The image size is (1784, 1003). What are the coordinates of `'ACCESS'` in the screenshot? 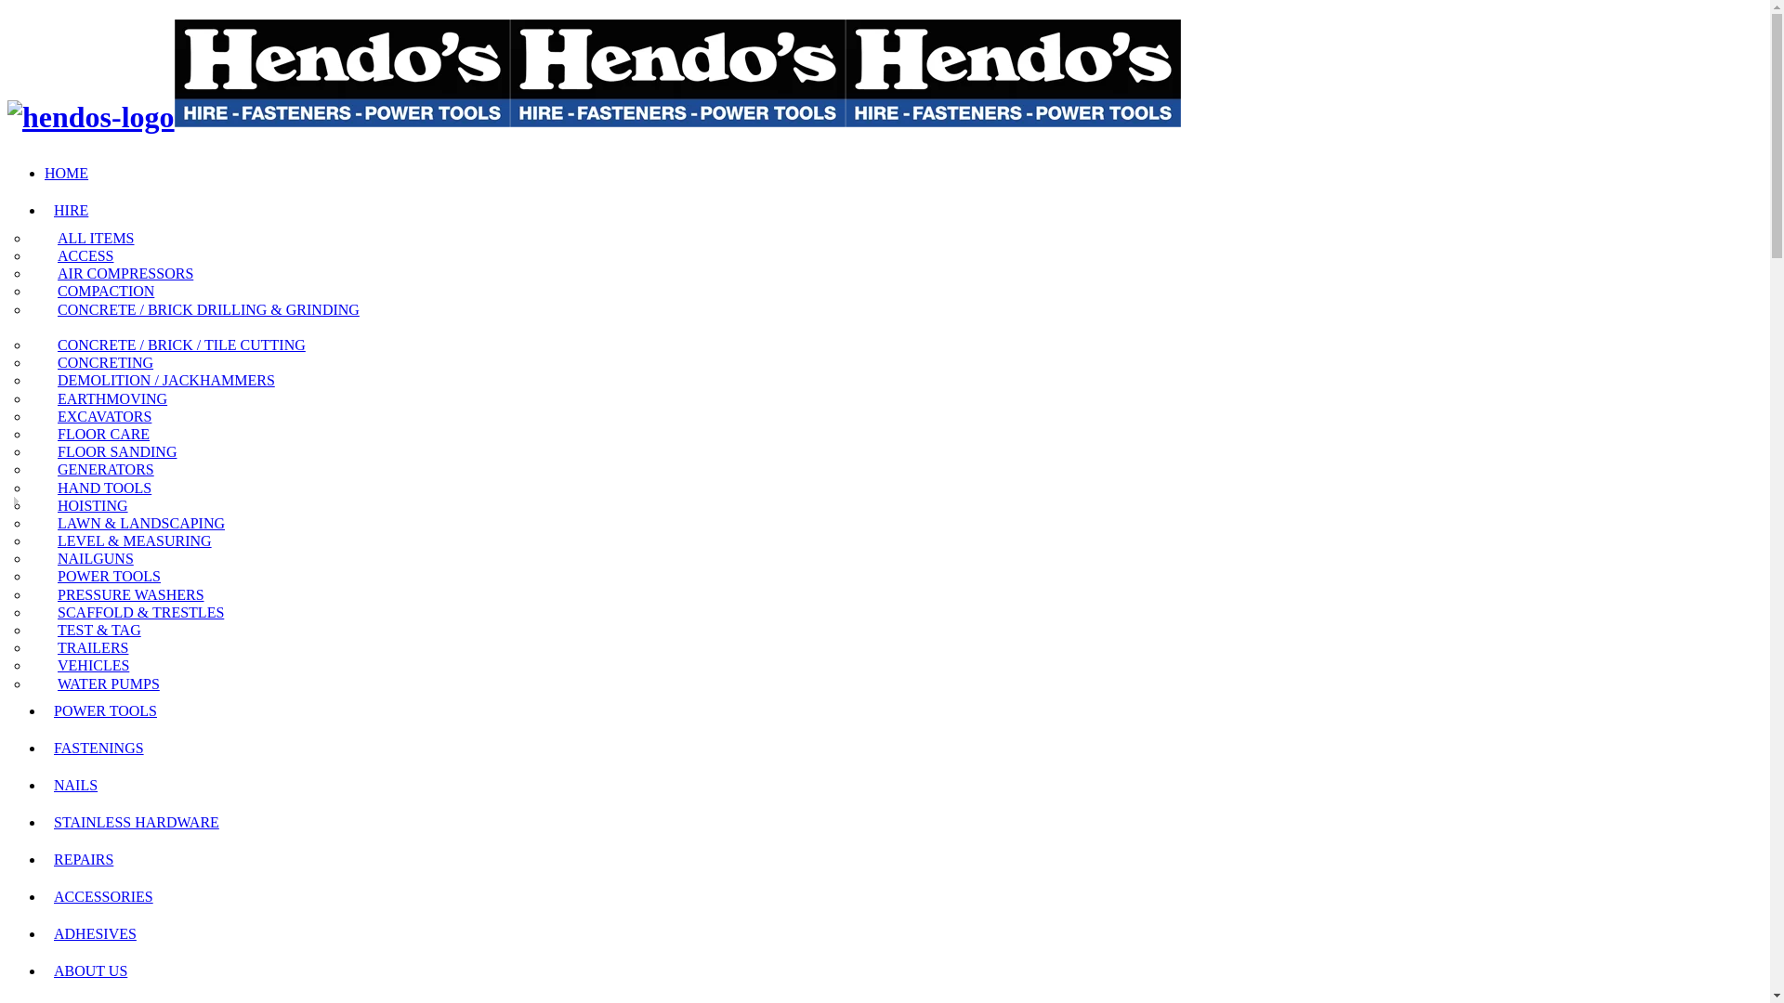 It's located at (30, 255).